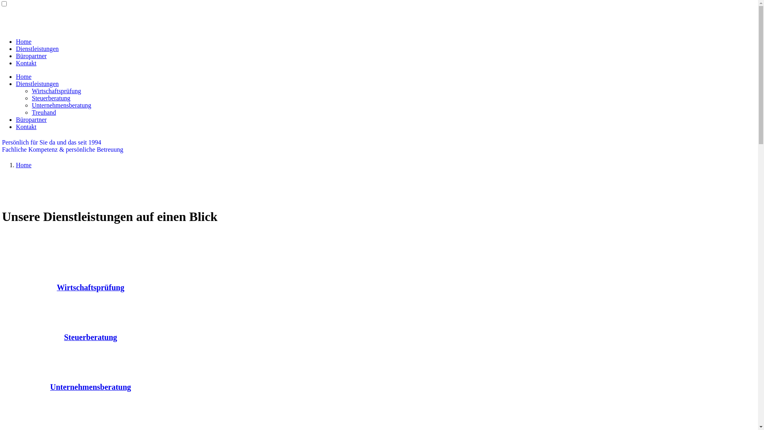 The height and width of the screenshot is (430, 764). Describe the element at coordinates (16, 84) in the screenshot. I see `'Dienstleistungen'` at that location.